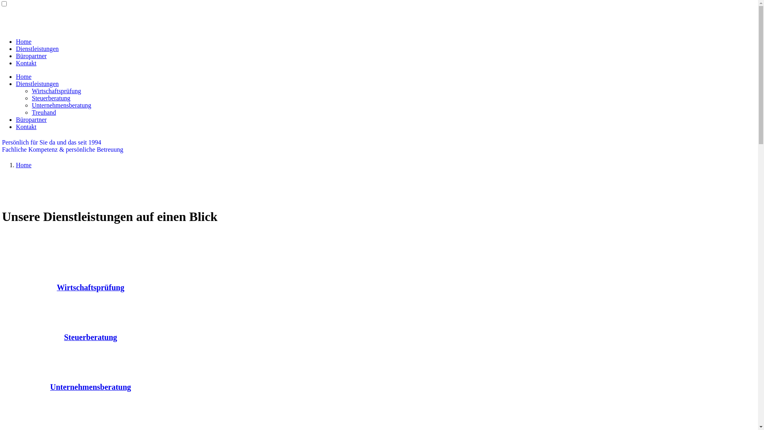 The height and width of the screenshot is (430, 764). Describe the element at coordinates (16, 84) in the screenshot. I see `'Dienstleistungen'` at that location.